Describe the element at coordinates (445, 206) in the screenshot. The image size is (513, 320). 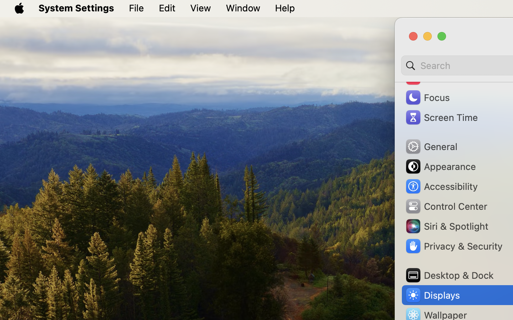
I see `'Control Center'` at that location.